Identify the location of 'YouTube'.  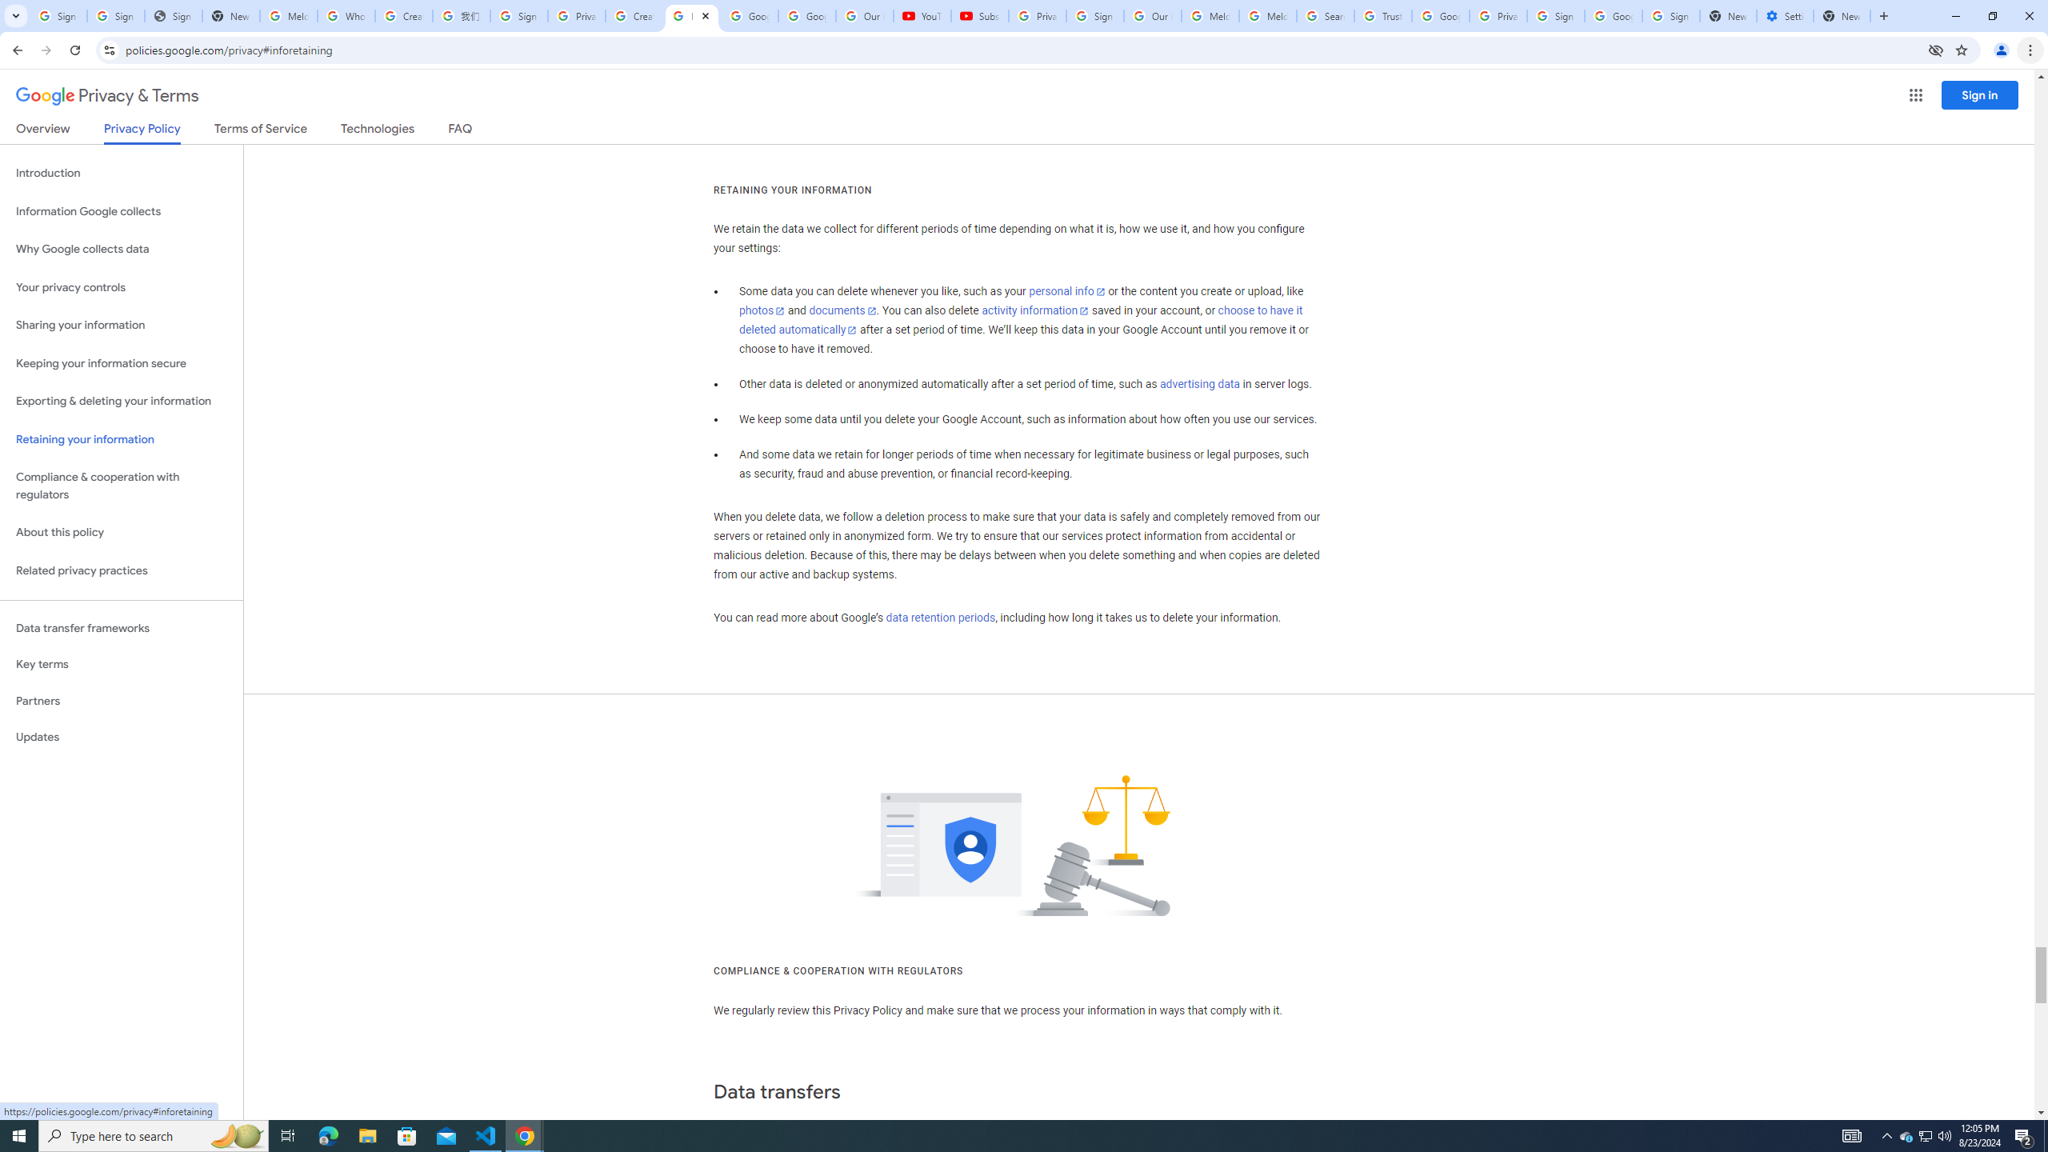
(922, 15).